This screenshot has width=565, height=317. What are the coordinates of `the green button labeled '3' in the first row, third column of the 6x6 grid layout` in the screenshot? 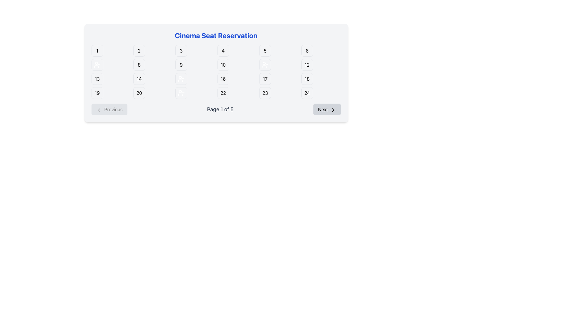 It's located at (181, 50).